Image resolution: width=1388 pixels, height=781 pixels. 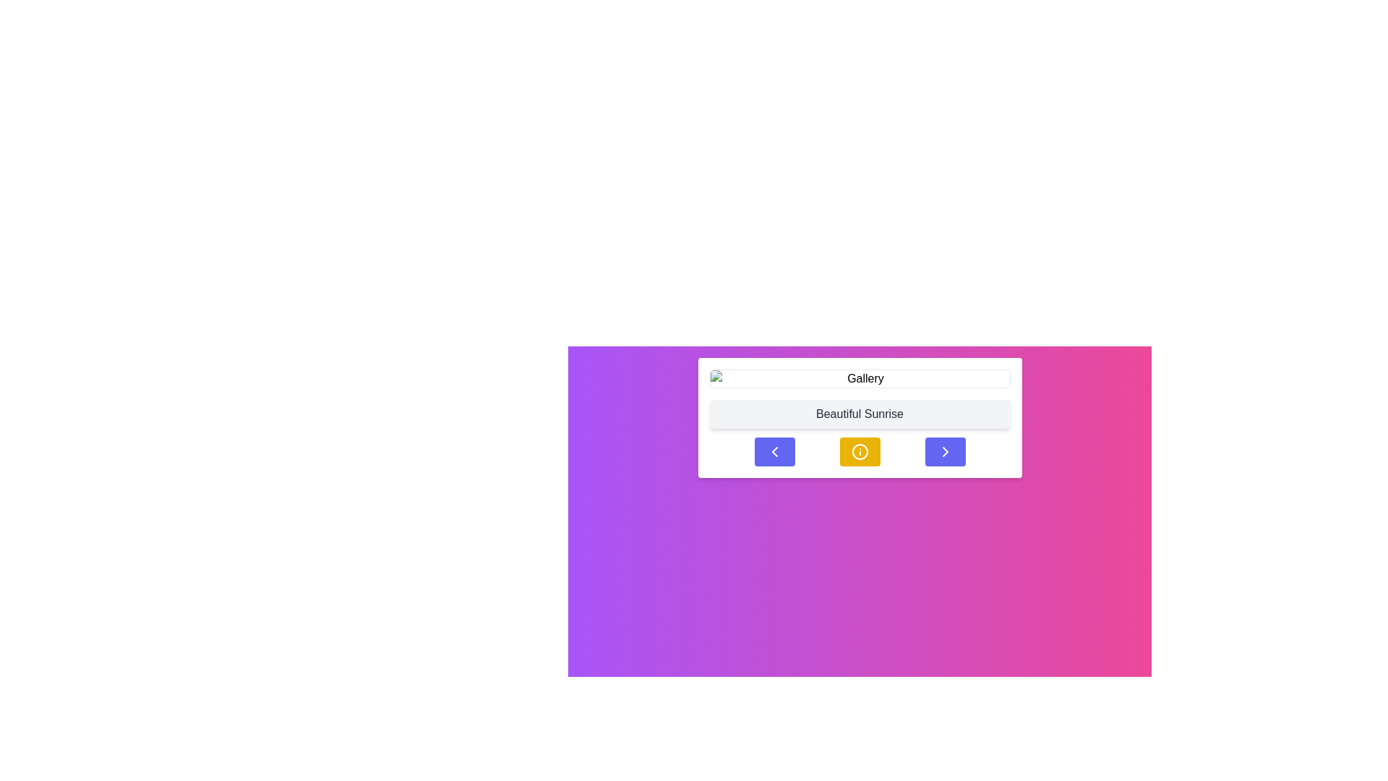 What do you see at coordinates (860, 451) in the screenshot?
I see `the information icon with a circular outline and yellow background, located at the bottom of the gallery interface` at bounding box center [860, 451].